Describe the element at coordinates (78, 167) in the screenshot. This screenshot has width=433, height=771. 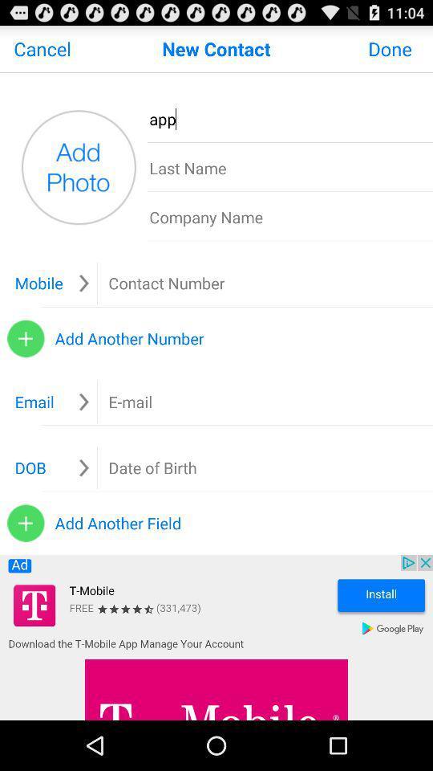
I see `photo profile button` at that location.